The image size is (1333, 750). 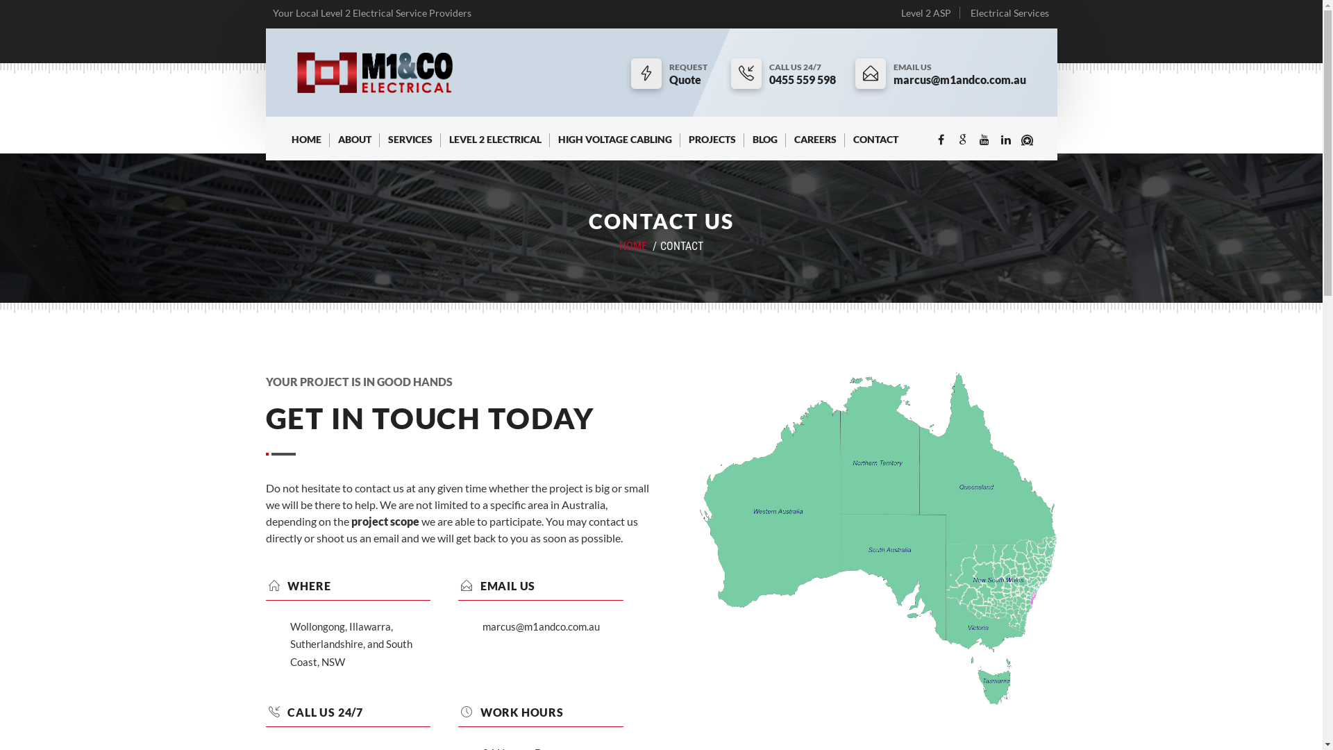 I want to click on 'SERVICES', so click(x=409, y=145).